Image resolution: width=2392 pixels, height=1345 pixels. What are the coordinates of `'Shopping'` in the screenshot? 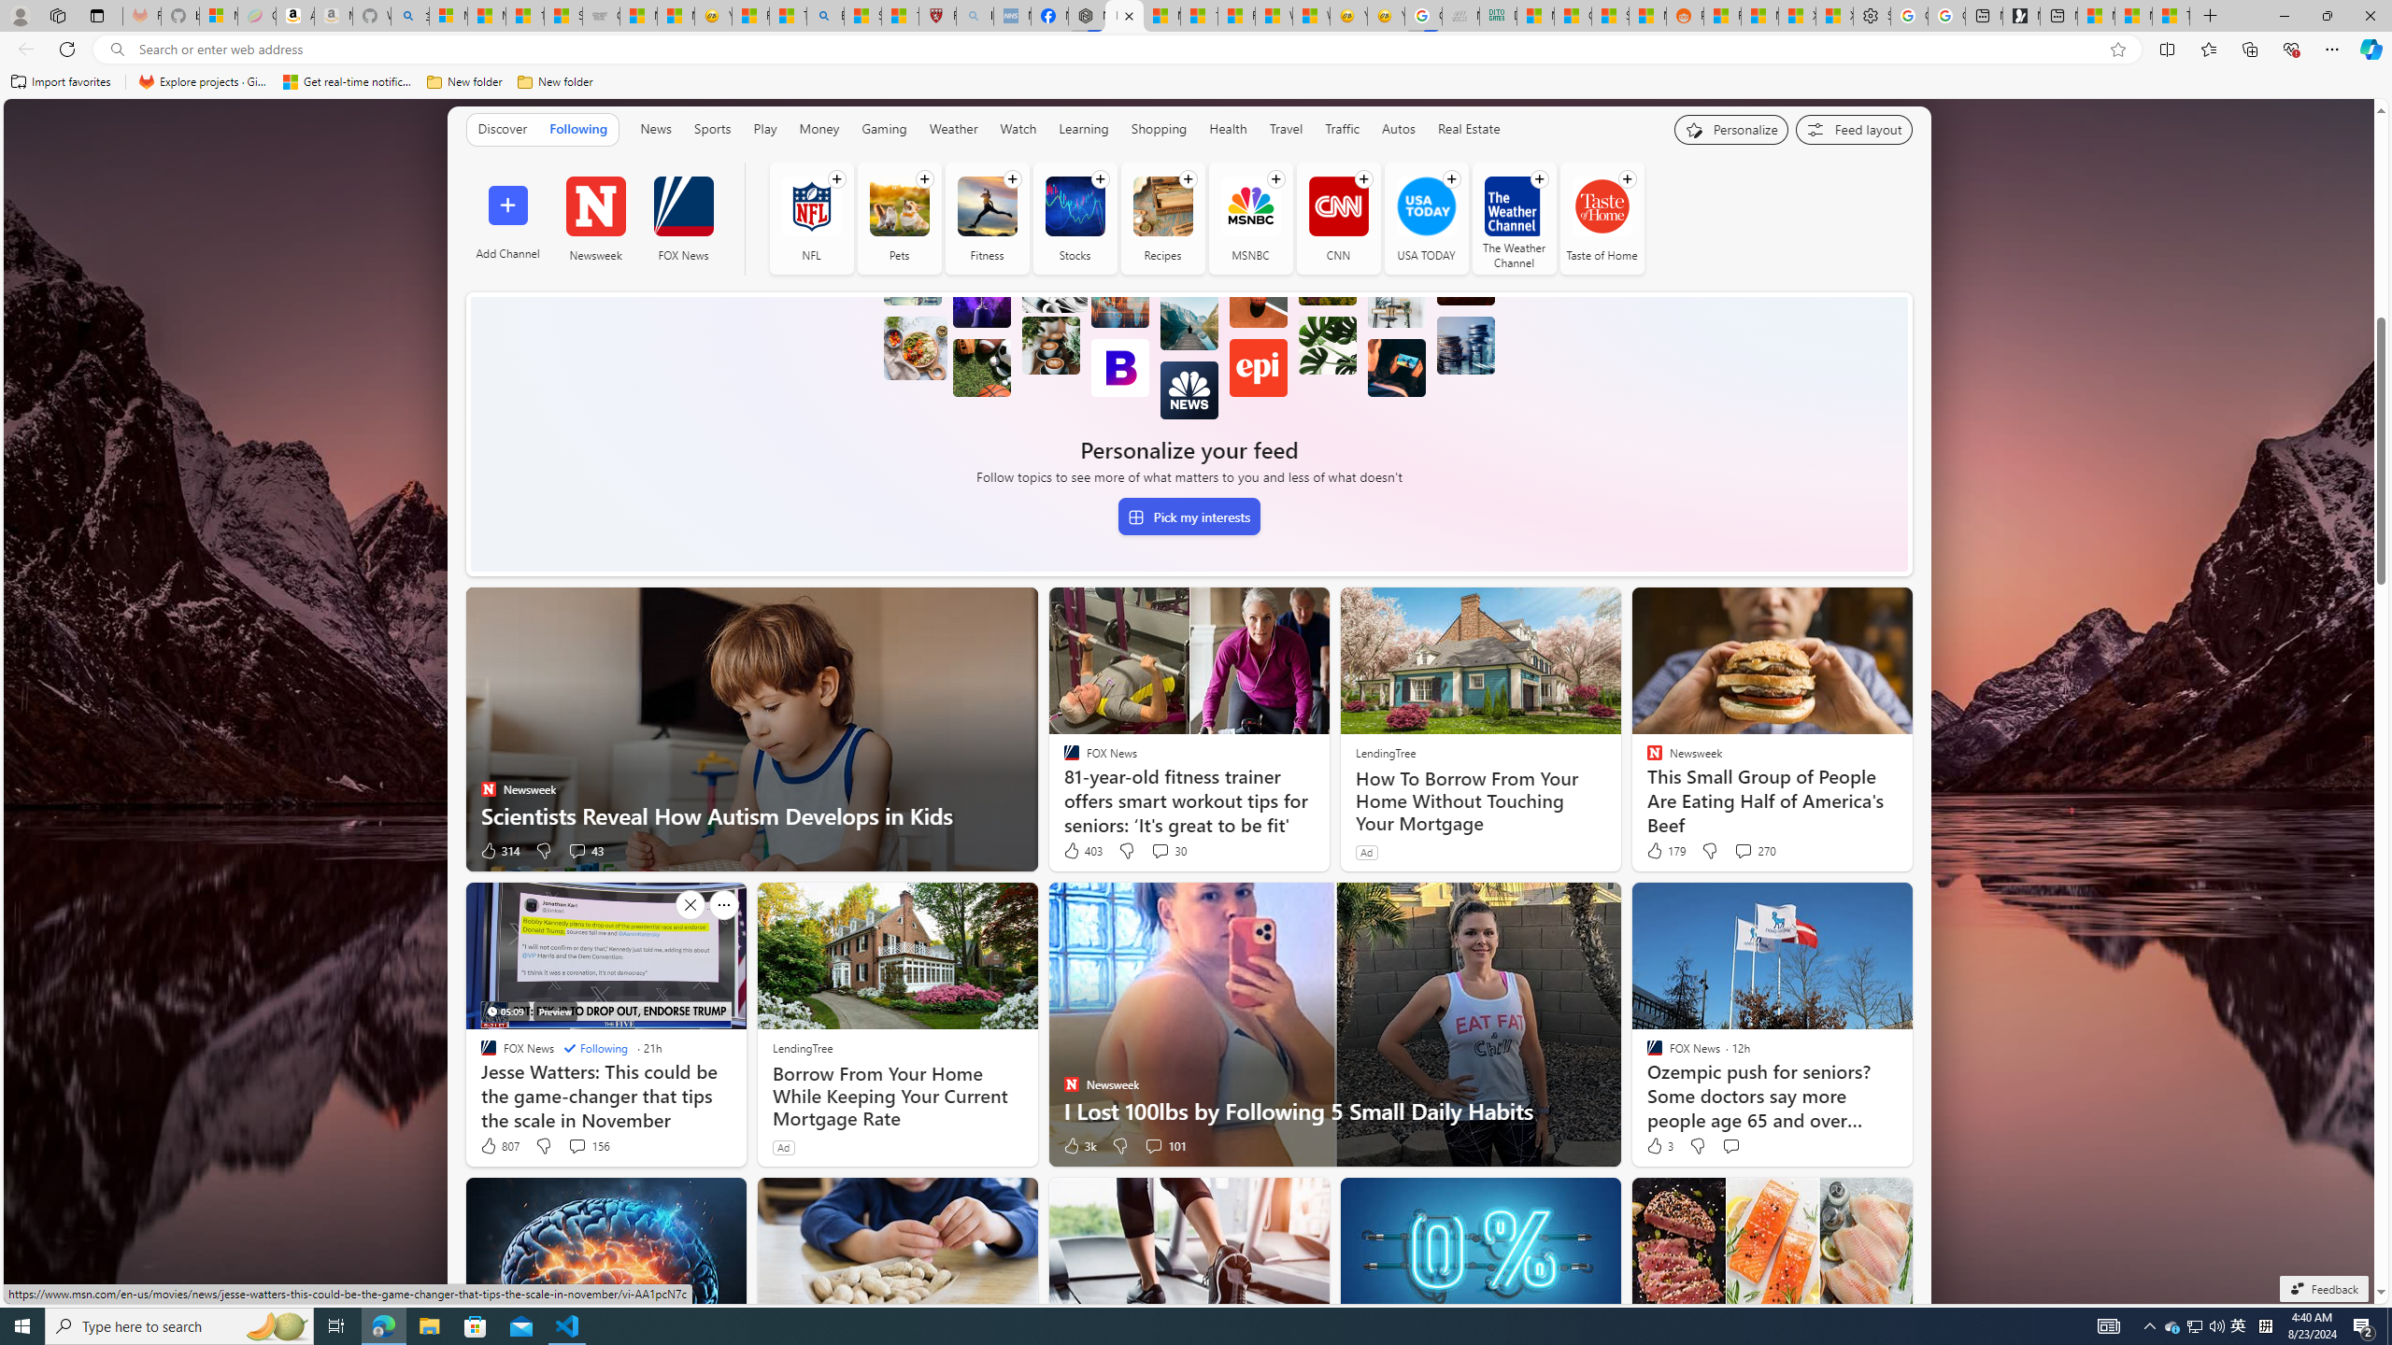 It's located at (1158, 129).